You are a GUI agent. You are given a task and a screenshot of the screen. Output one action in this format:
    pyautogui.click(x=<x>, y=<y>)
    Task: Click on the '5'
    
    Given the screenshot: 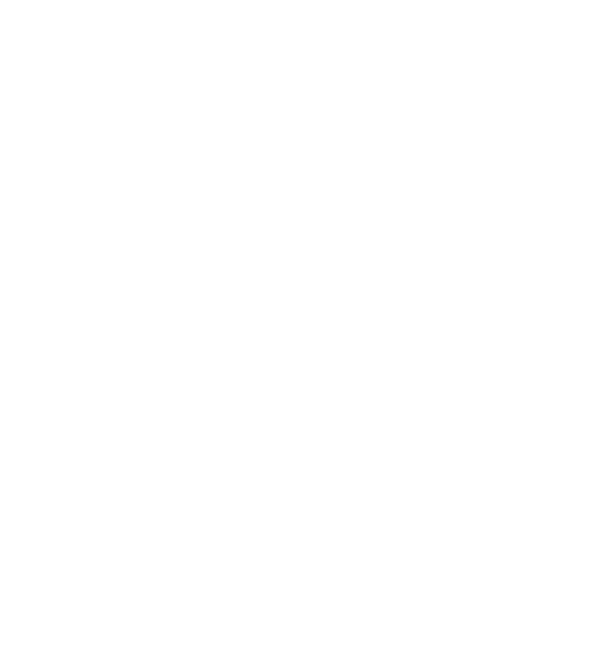 What is the action you would take?
    pyautogui.click(x=270, y=471)
    